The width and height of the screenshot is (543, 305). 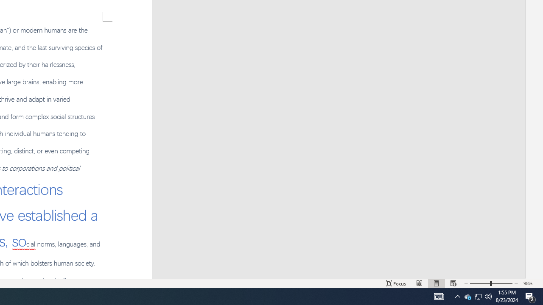 What do you see at coordinates (530, 296) in the screenshot?
I see `'Action Center, 2 new notifications'` at bounding box center [530, 296].